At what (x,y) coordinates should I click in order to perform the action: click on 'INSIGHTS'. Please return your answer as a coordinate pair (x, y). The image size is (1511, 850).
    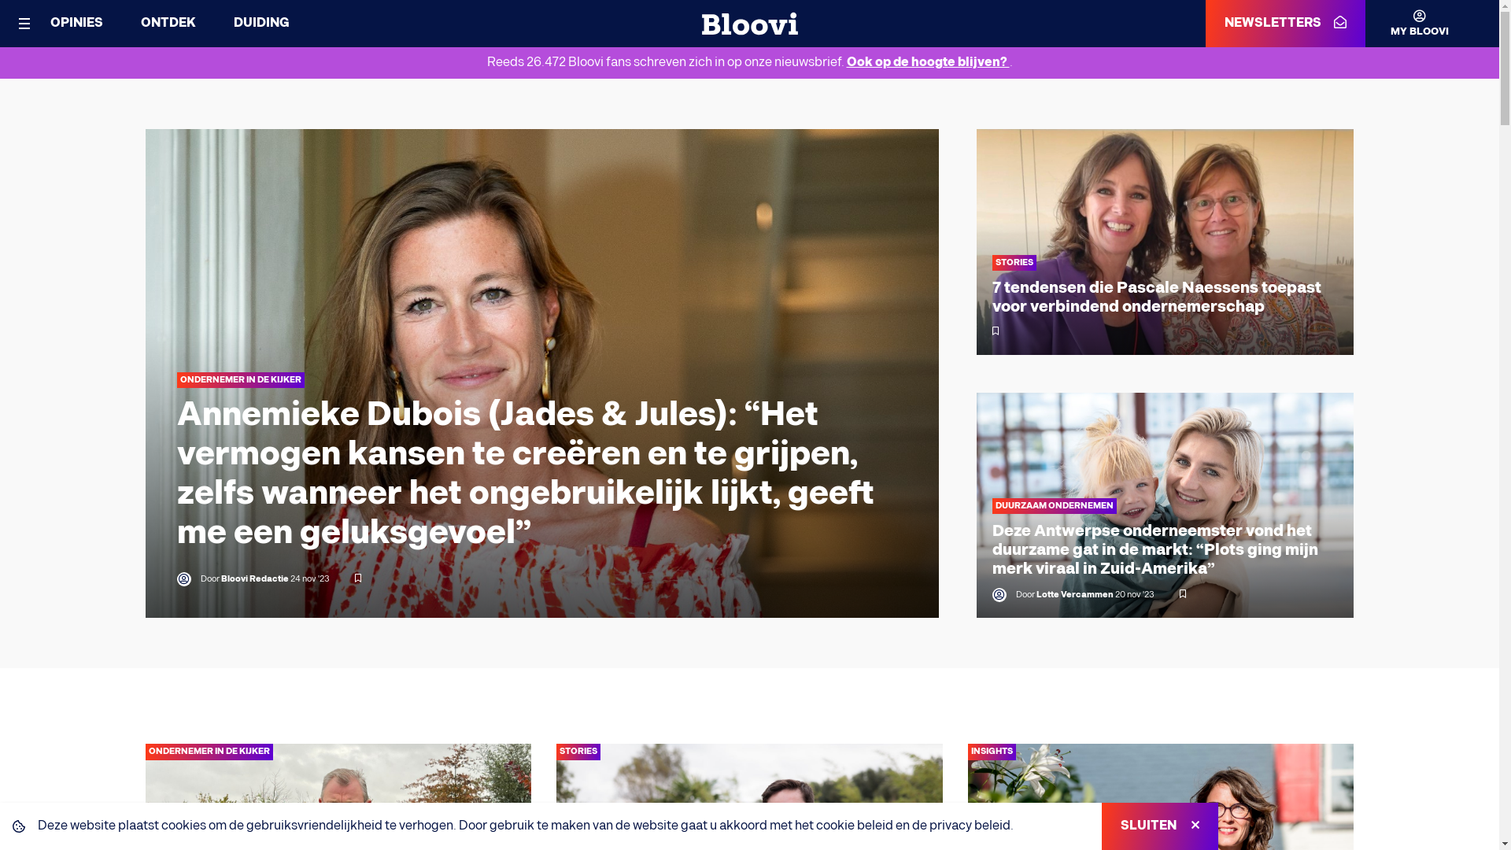
    Looking at the image, I should click on (991, 751).